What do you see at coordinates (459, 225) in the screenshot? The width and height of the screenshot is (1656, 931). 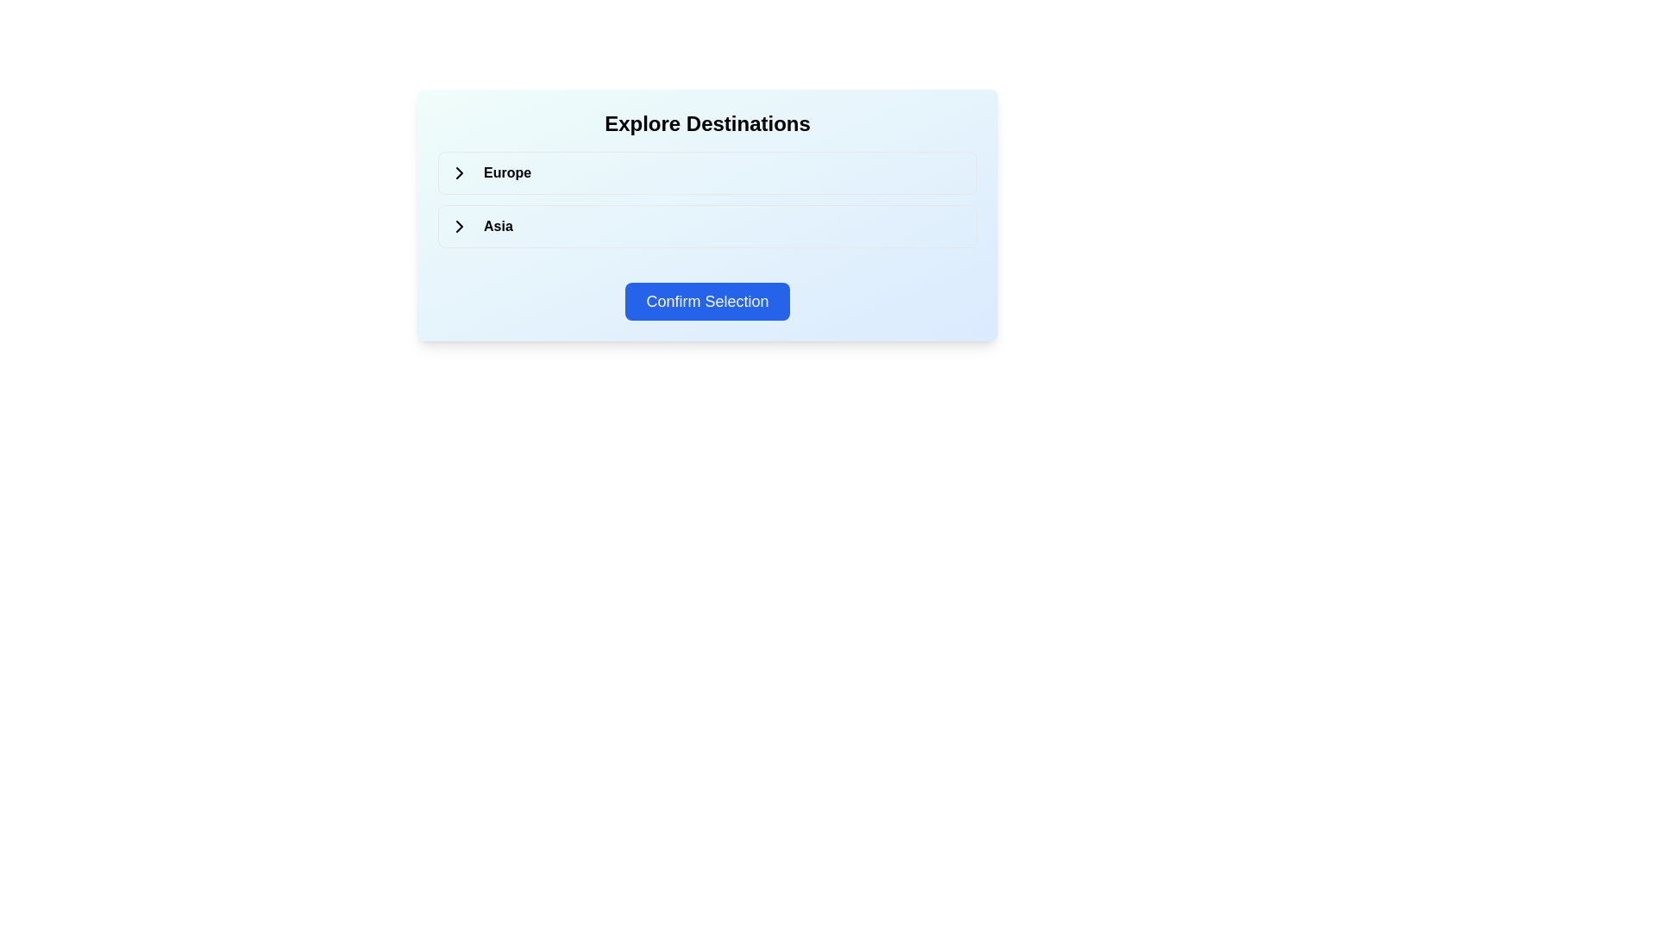 I see `the Chevron icon located to the left of the 'Asia' entry in the 'Explore Destinations' list` at bounding box center [459, 225].